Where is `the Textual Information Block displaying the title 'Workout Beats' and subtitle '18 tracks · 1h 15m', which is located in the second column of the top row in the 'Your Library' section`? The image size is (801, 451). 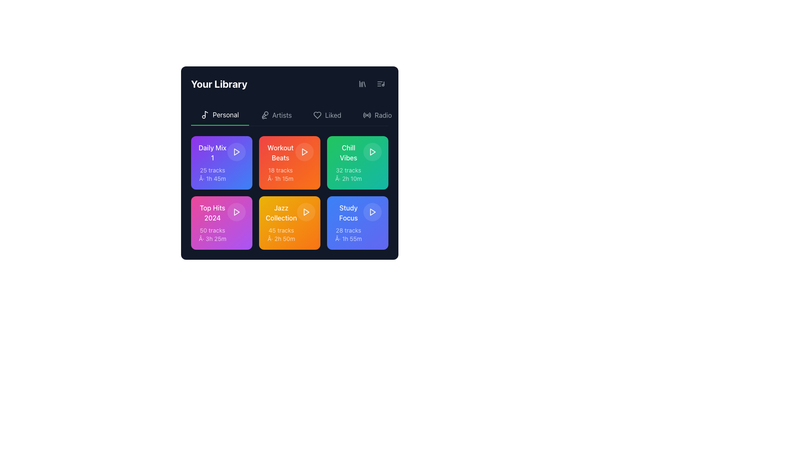 the Textual Information Block displaying the title 'Workout Beats' and subtitle '18 tracks · 1h 15m', which is located in the second column of the top row in the 'Your Library' section is located at coordinates (280, 162).